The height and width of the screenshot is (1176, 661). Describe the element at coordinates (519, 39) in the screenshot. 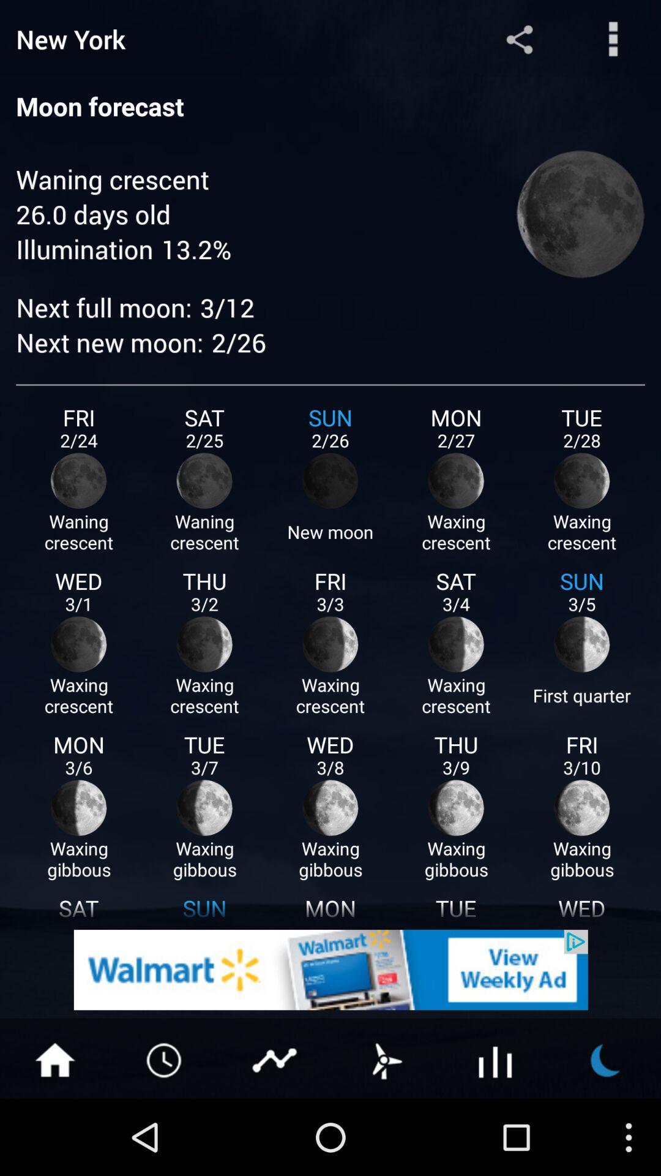

I see `share forecast` at that location.